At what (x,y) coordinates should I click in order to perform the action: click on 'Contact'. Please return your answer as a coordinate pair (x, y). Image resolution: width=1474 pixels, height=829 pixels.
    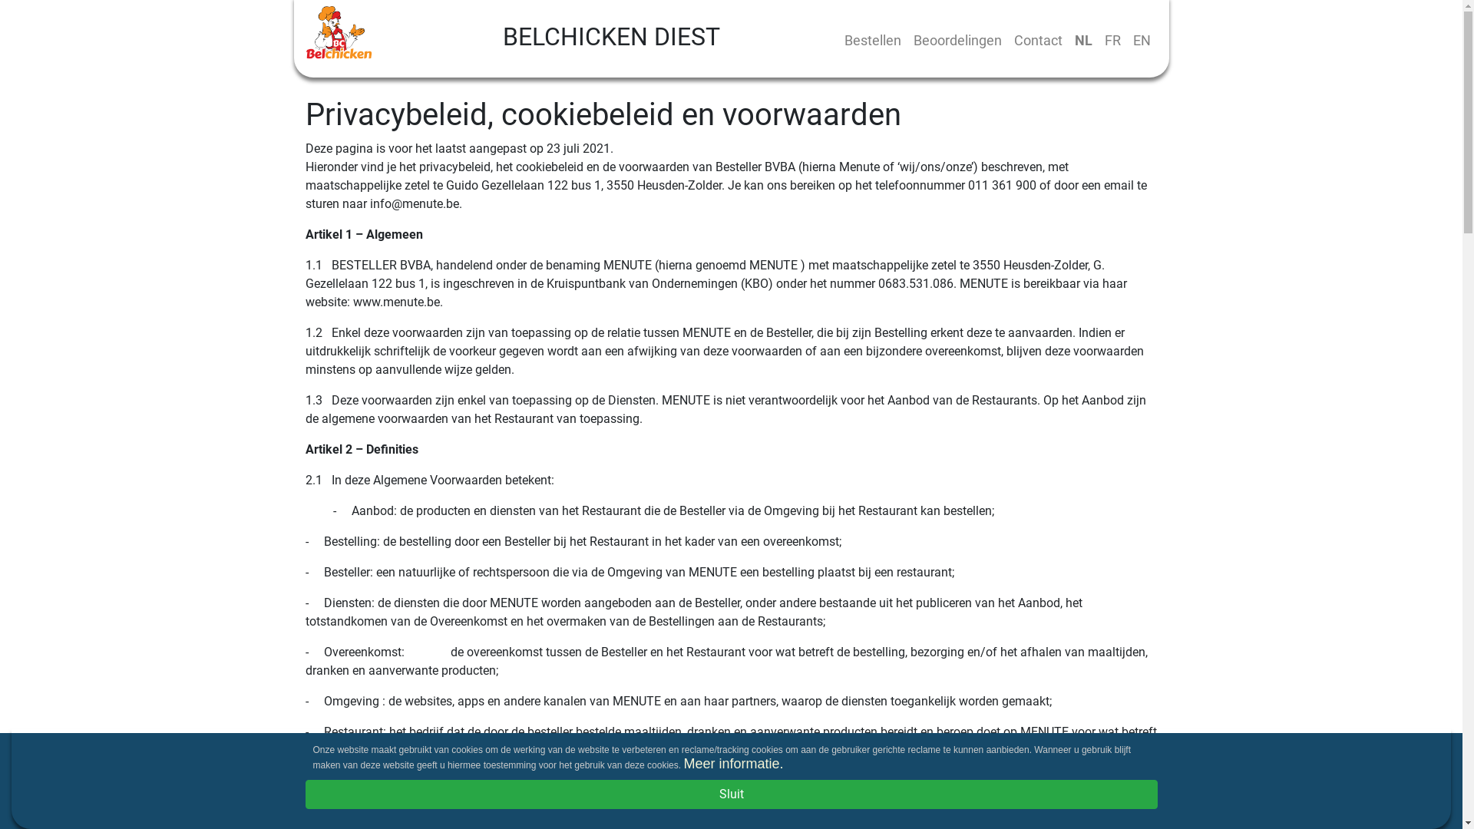
    Looking at the image, I should click on (1037, 39).